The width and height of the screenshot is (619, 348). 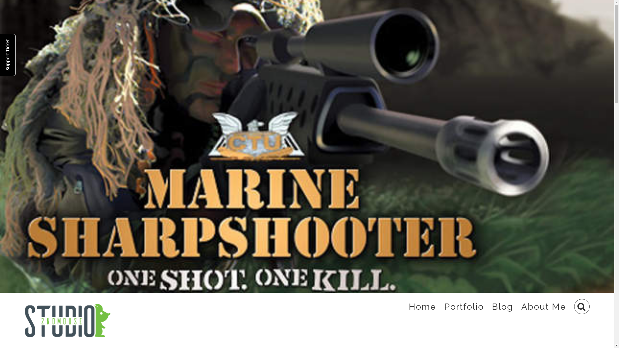 What do you see at coordinates (422, 306) in the screenshot?
I see `'Home'` at bounding box center [422, 306].